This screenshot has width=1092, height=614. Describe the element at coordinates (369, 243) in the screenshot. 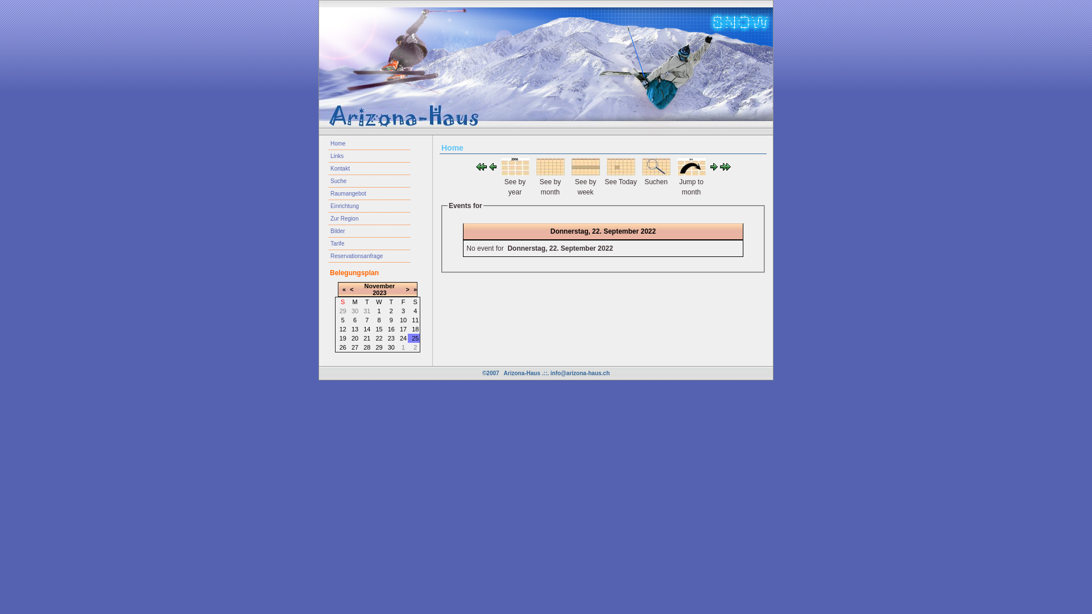

I see `'Tarife'` at that location.